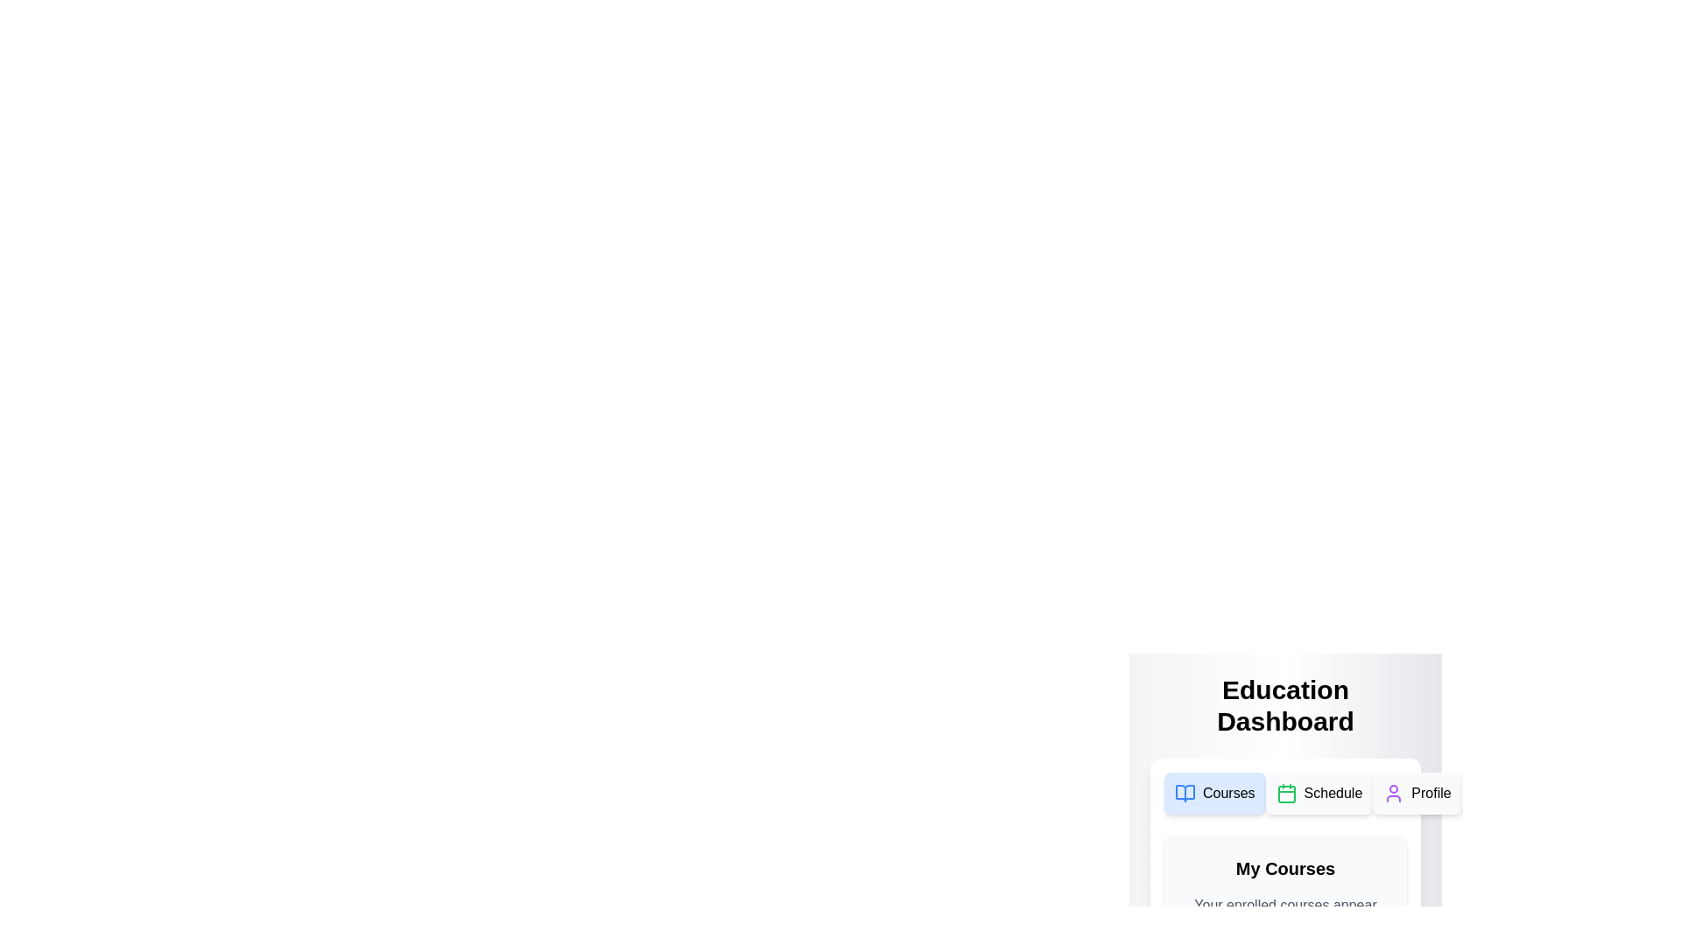  What do you see at coordinates (1213, 793) in the screenshot?
I see `the 'Courses' navigation button located` at bounding box center [1213, 793].